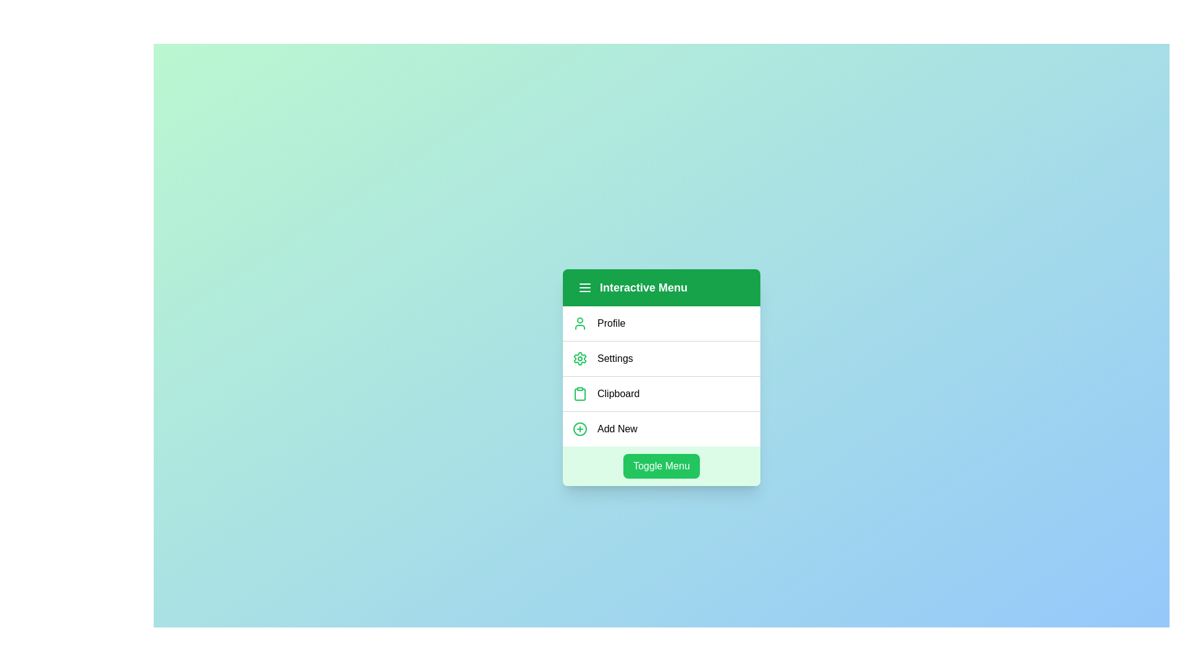  I want to click on the 'Toggle Menu' button to toggle the menu visibility, so click(660, 466).